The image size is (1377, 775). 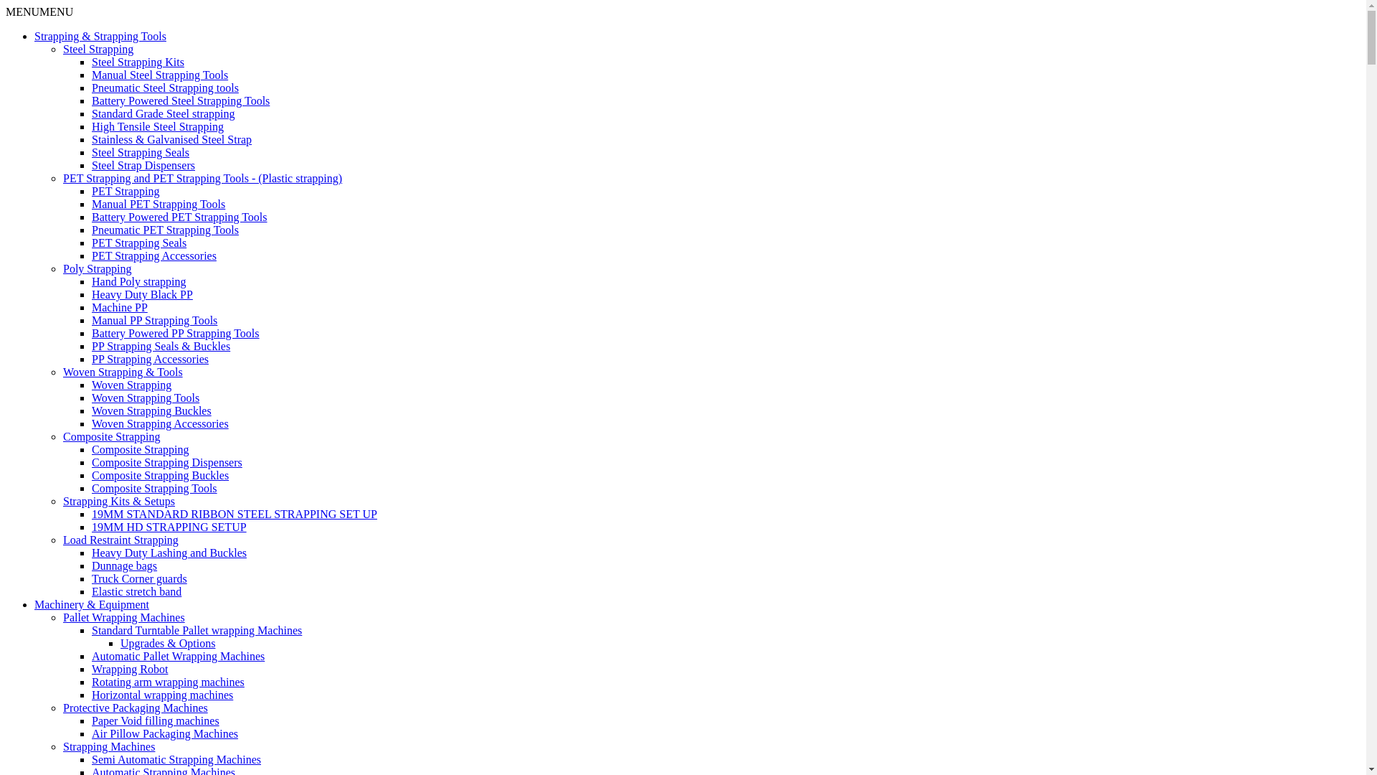 What do you see at coordinates (162, 694) in the screenshot?
I see `'Horizontal wrapping machines'` at bounding box center [162, 694].